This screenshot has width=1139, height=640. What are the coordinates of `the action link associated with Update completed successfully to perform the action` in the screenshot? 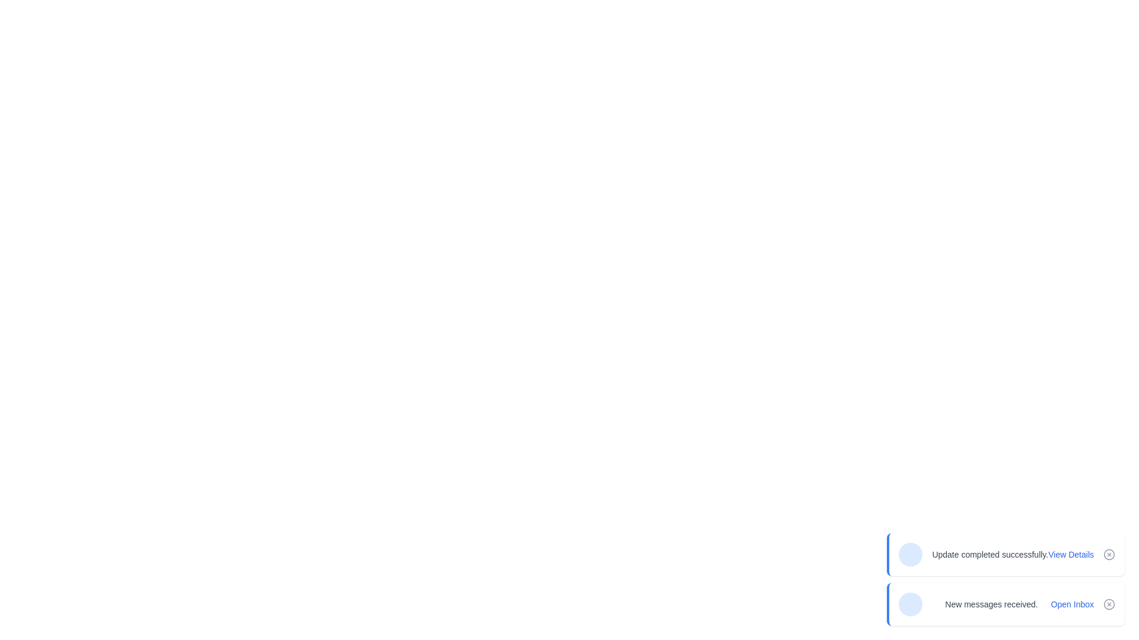 It's located at (1071, 555).